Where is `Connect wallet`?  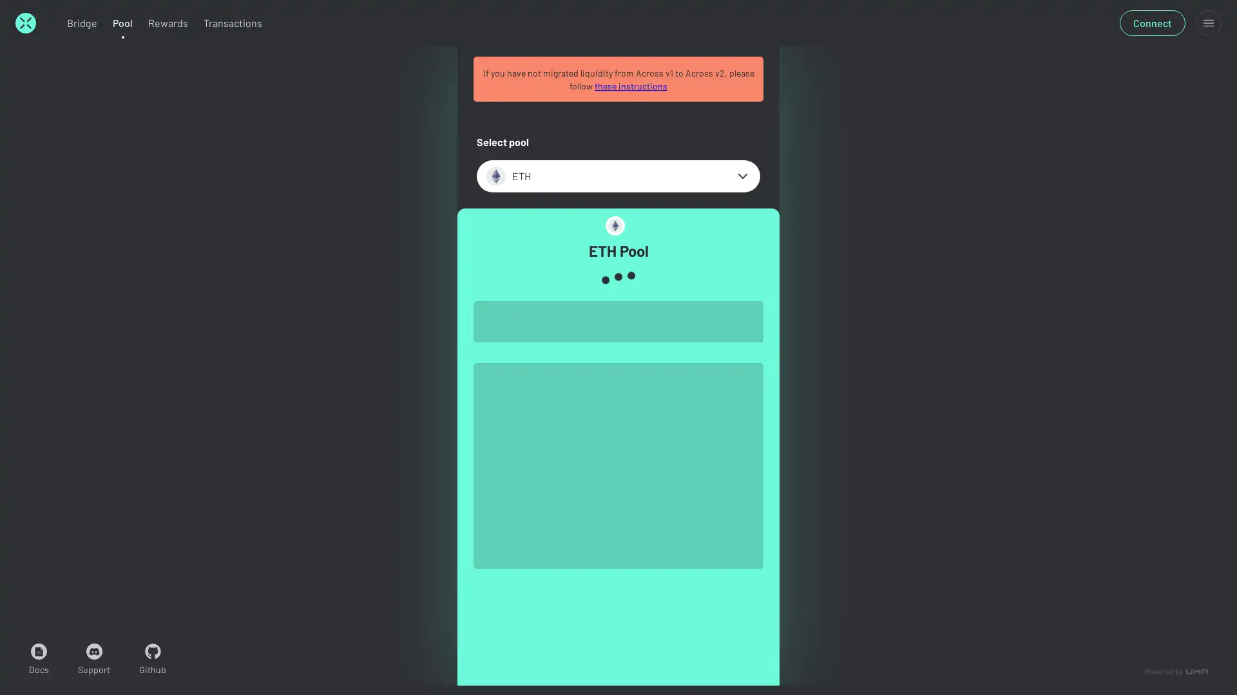
Connect wallet is located at coordinates (618, 609).